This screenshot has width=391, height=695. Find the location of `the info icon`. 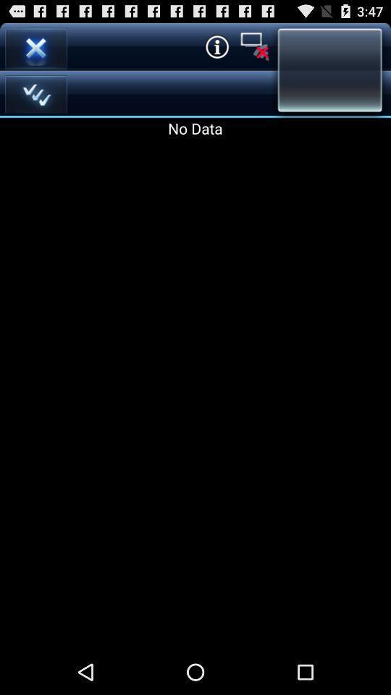

the info icon is located at coordinates (216, 49).